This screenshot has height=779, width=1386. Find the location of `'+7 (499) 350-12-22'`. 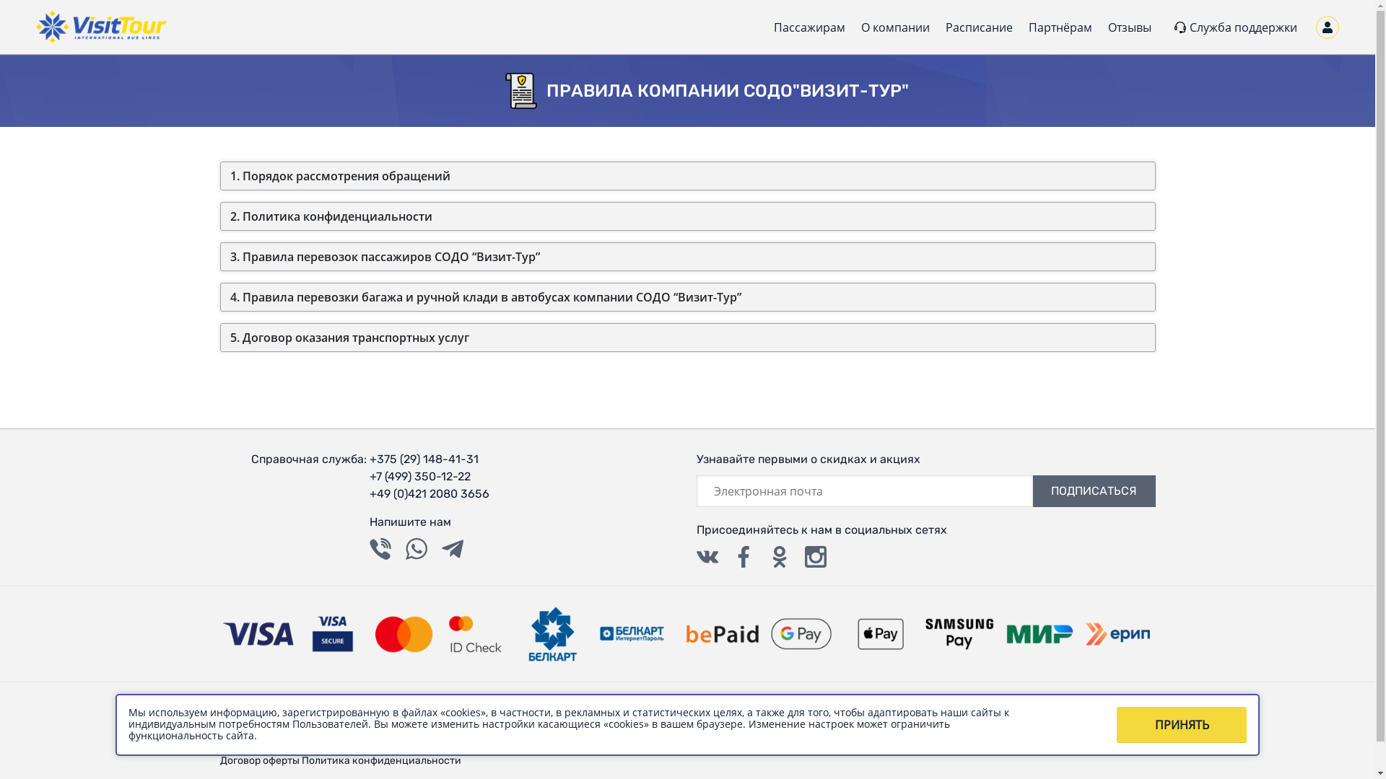

'+7 (499) 350-12-22' is located at coordinates (429, 476).